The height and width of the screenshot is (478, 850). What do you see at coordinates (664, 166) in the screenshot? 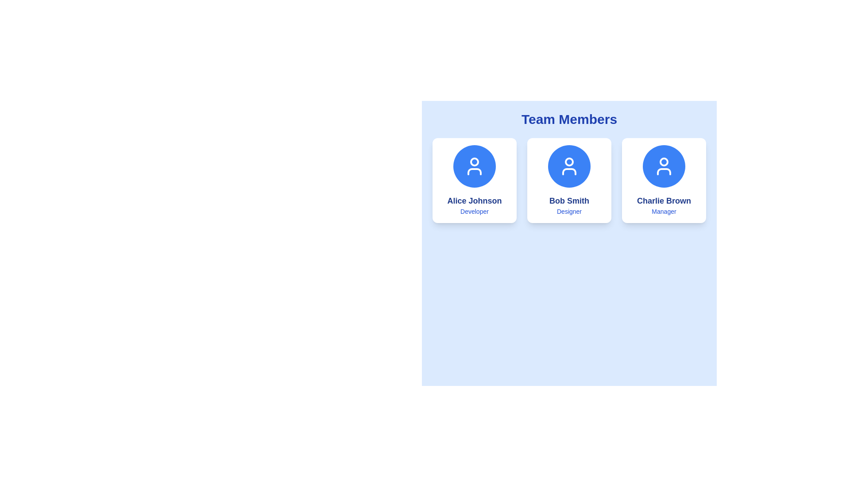
I see `the user profile icon for 'Charlie Brown', which is centrally aligned at the top of his card, positioned above the text sections displaying his name and role as 'Manager'` at bounding box center [664, 166].